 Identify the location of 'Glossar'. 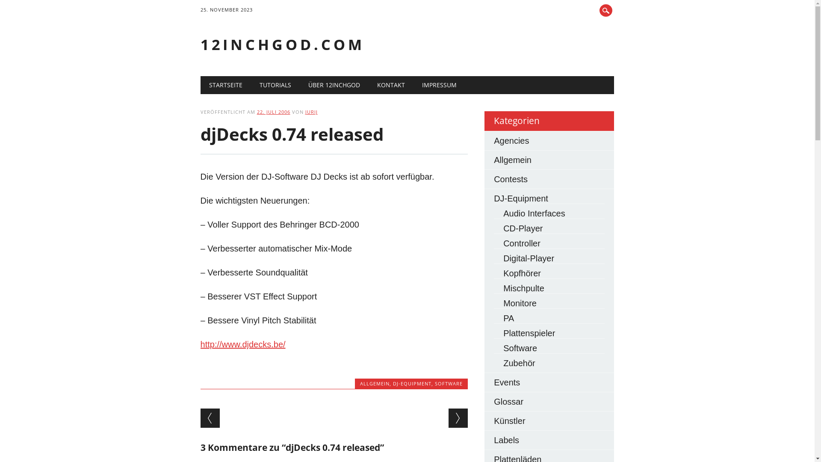
(508, 401).